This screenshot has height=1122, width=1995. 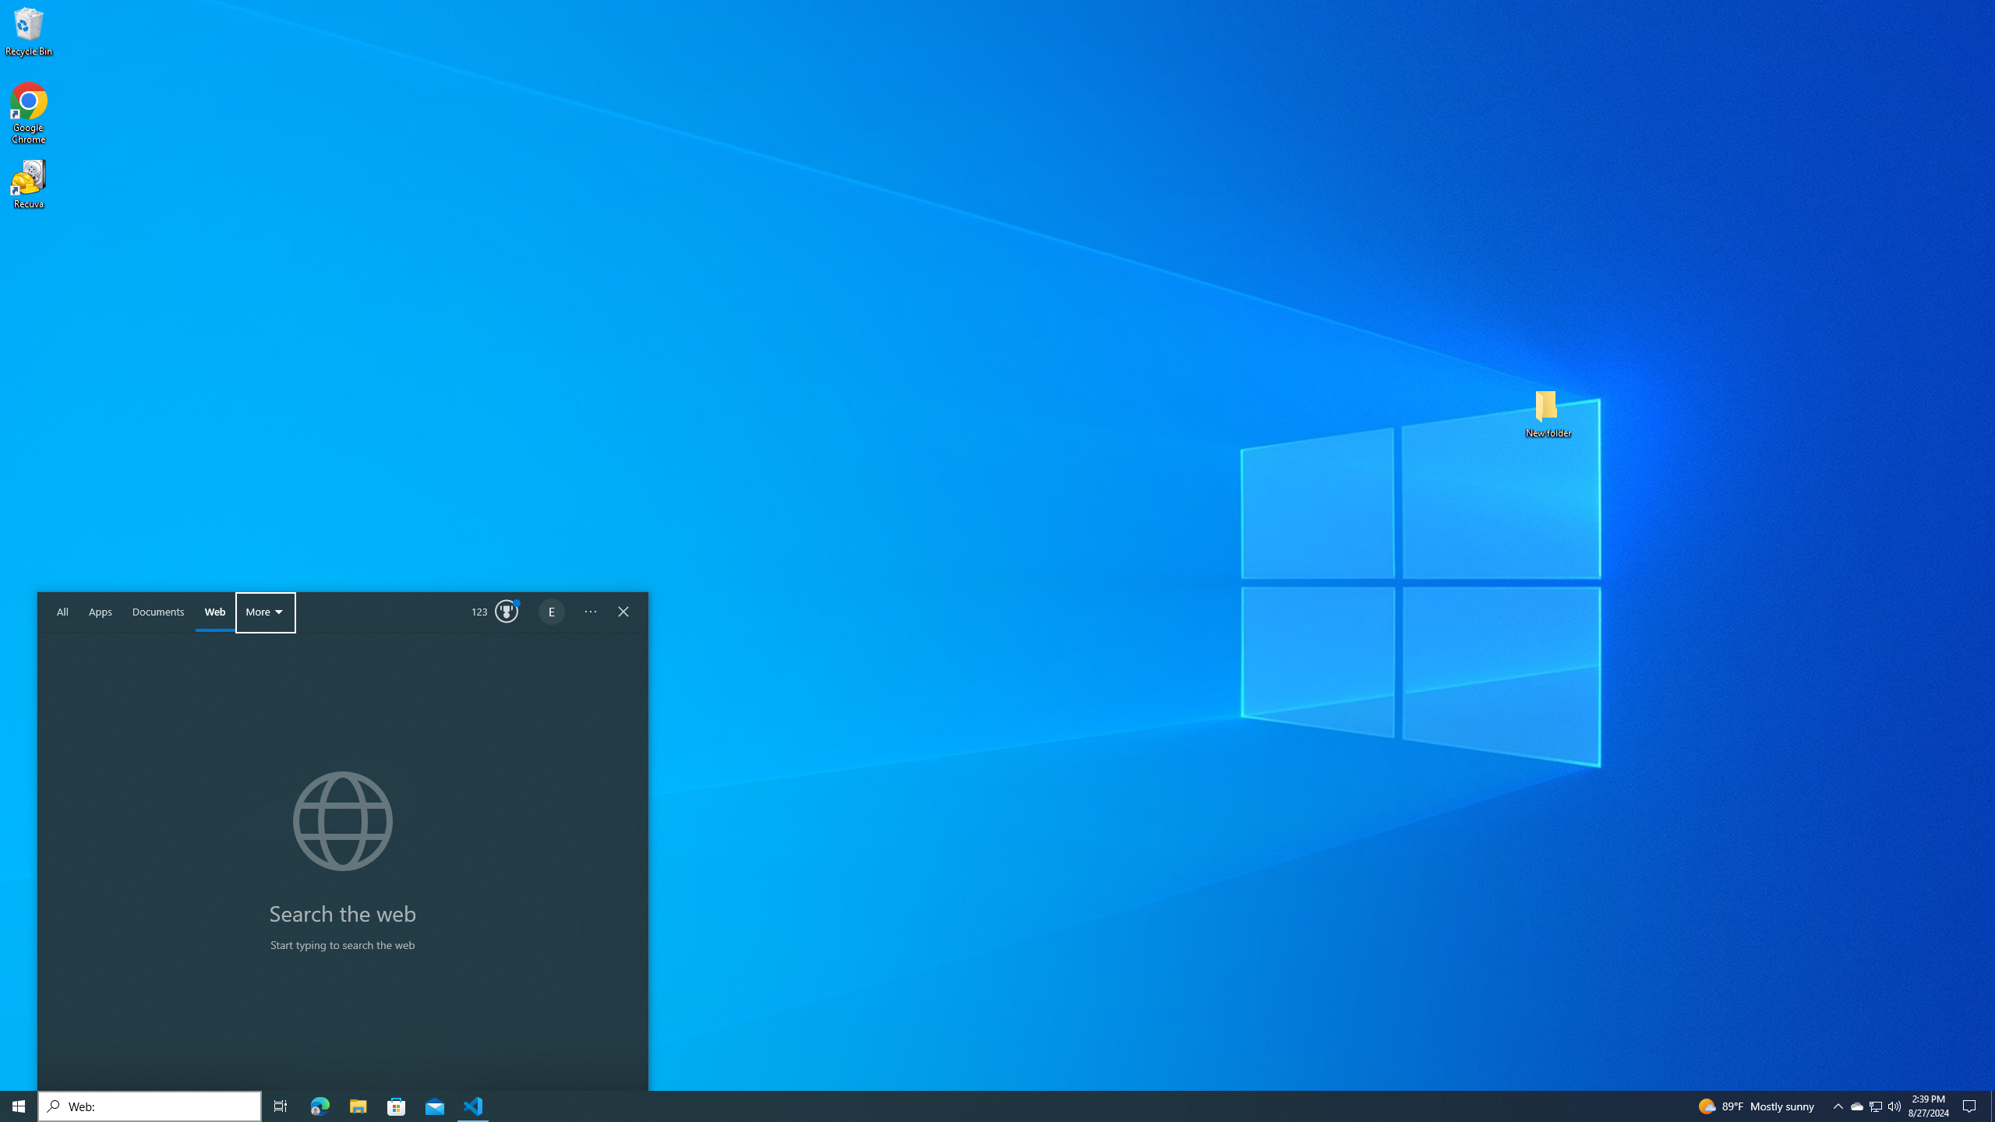 What do you see at coordinates (553, 612) in the screenshot?
I see `'Options'` at bounding box center [553, 612].